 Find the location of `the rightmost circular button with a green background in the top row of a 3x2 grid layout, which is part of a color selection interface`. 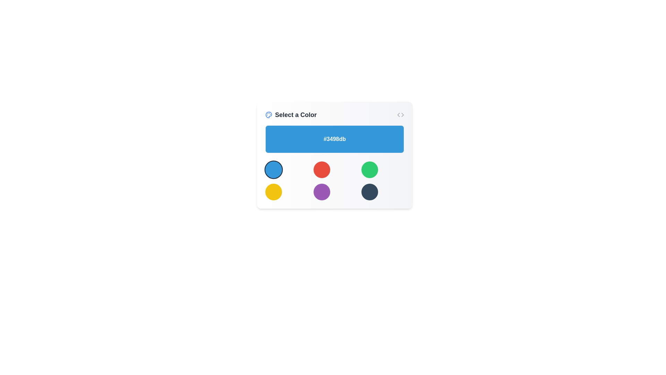

the rightmost circular button with a green background in the top row of a 3x2 grid layout, which is part of a color selection interface is located at coordinates (369, 170).